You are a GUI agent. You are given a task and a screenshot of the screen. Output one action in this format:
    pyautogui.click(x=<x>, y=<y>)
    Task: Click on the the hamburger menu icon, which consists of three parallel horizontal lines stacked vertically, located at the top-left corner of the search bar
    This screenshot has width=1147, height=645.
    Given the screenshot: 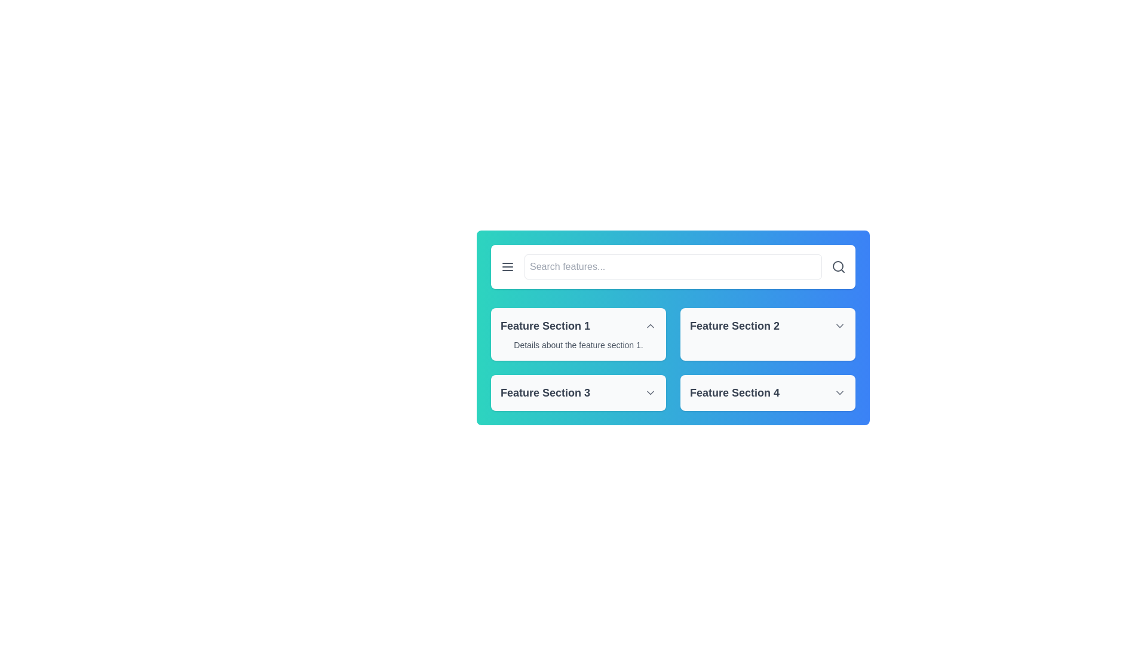 What is the action you would take?
    pyautogui.click(x=507, y=266)
    